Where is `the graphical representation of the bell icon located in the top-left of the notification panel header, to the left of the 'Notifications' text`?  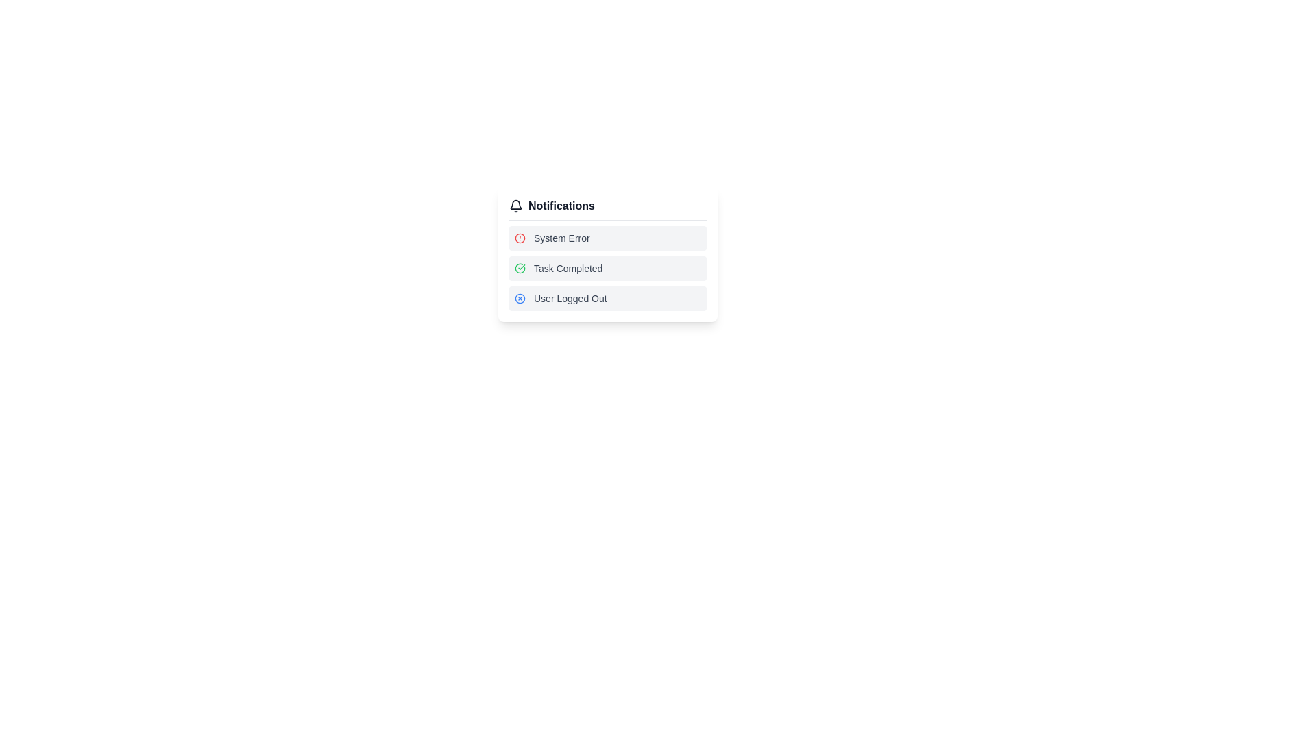
the graphical representation of the bell icon located in the top-left of the notification panel header, to the left of the 'Notifications' text is located at coordinates (515, 206).